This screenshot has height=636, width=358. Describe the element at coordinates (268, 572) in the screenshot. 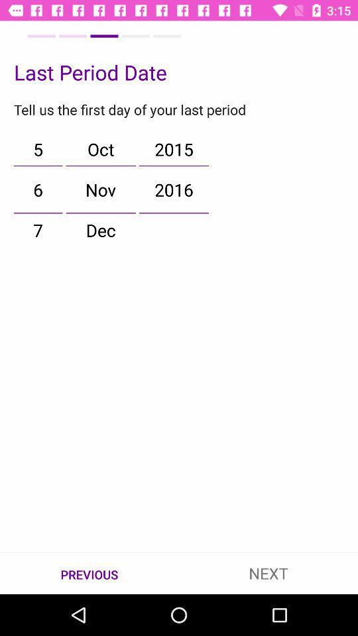

I see `the icon next to previous icon` at that location.